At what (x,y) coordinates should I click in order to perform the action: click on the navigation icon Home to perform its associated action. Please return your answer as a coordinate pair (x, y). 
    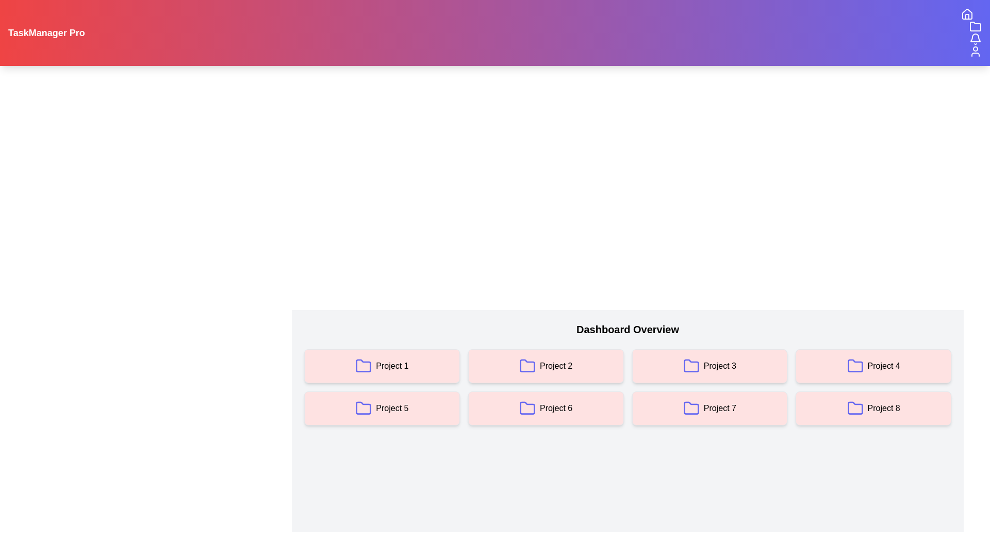
    Looking at the image, I should click on (967, 14).